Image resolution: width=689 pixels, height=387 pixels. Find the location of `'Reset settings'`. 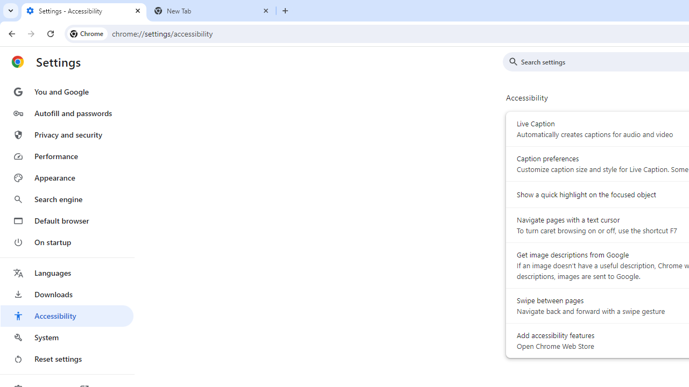

'Reset settings' is located at coordinates (66, 359).